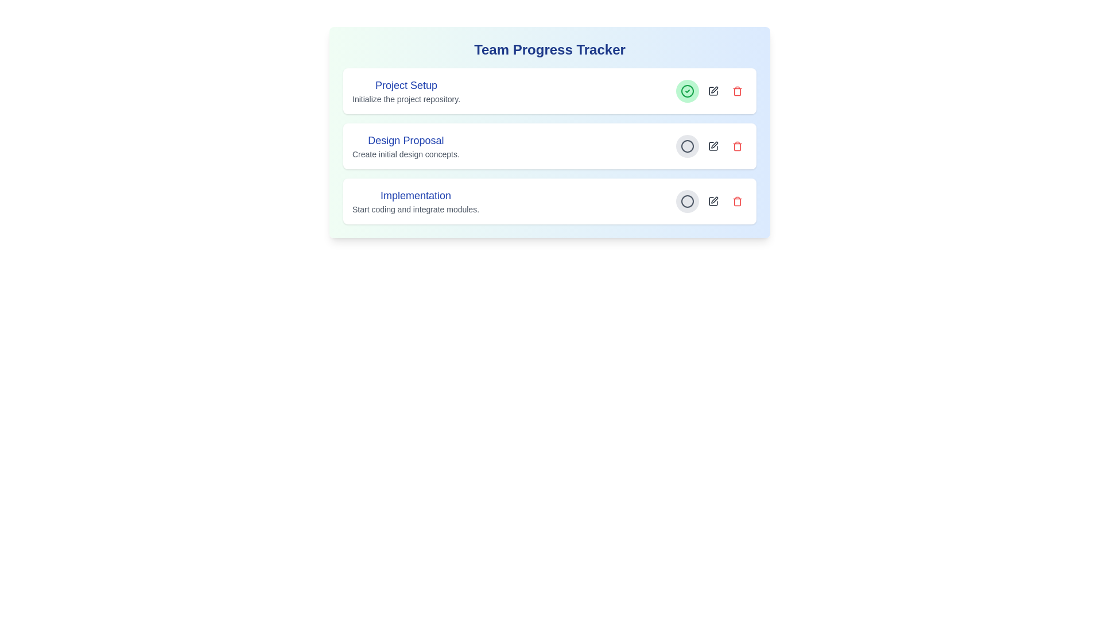 This screenshot has height=620, width=1102. Describe the element at coordinates (738, 145) in the screenshot. I see `the delete button for the task titled Design Proposal` at that location.